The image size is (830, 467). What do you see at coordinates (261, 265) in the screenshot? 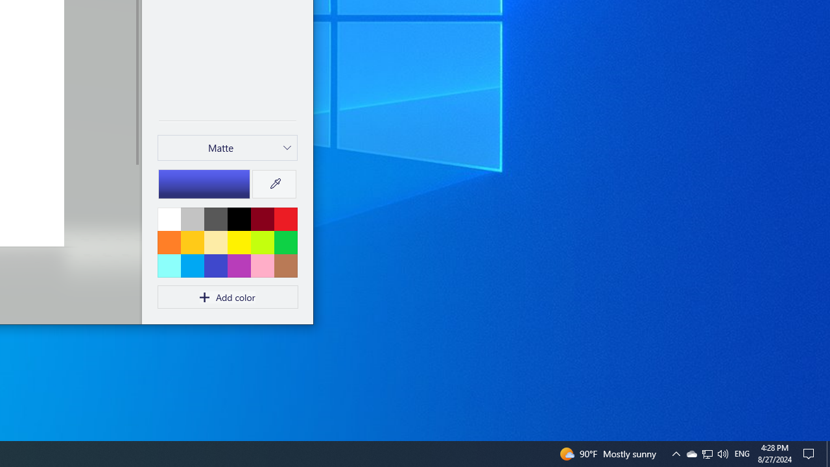
I see `'Rose'` at bounding box center [261, 265].